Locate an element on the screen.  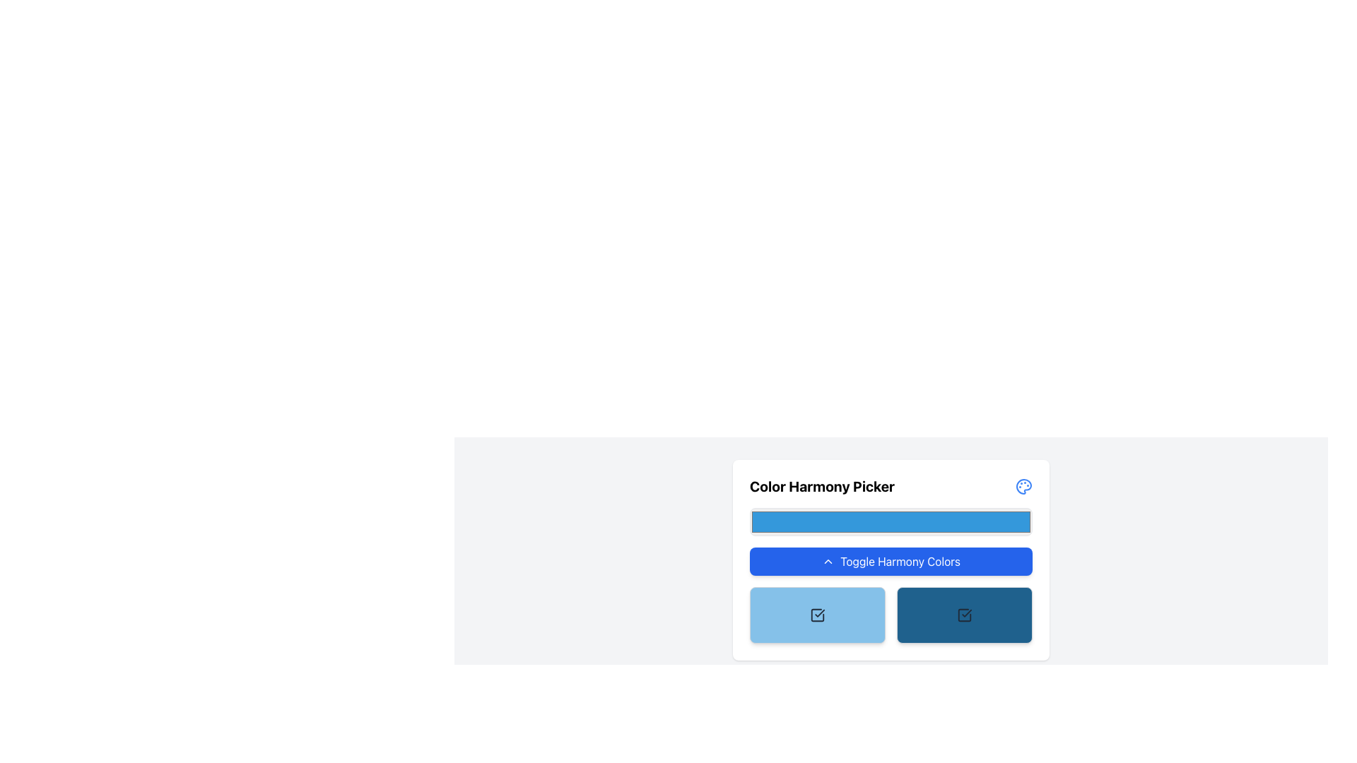
the square-shaped checkbox icon filled with a dark blue background featuring a checkmark symbol is located at coordinates (963, 615).